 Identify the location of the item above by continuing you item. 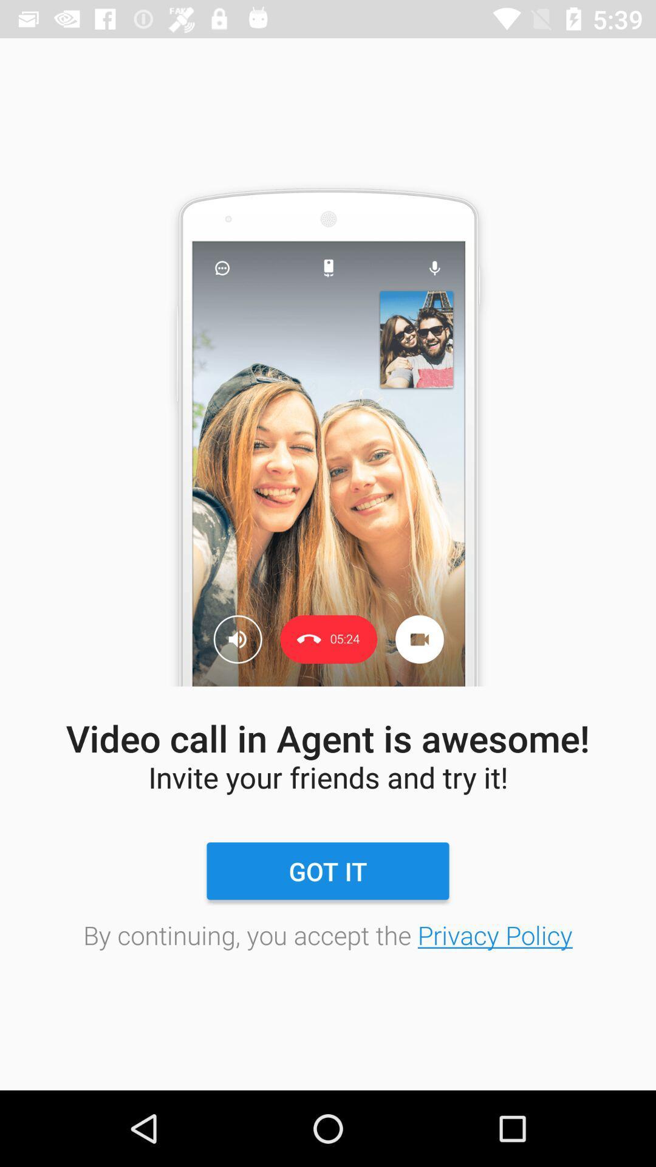
(328, 870).